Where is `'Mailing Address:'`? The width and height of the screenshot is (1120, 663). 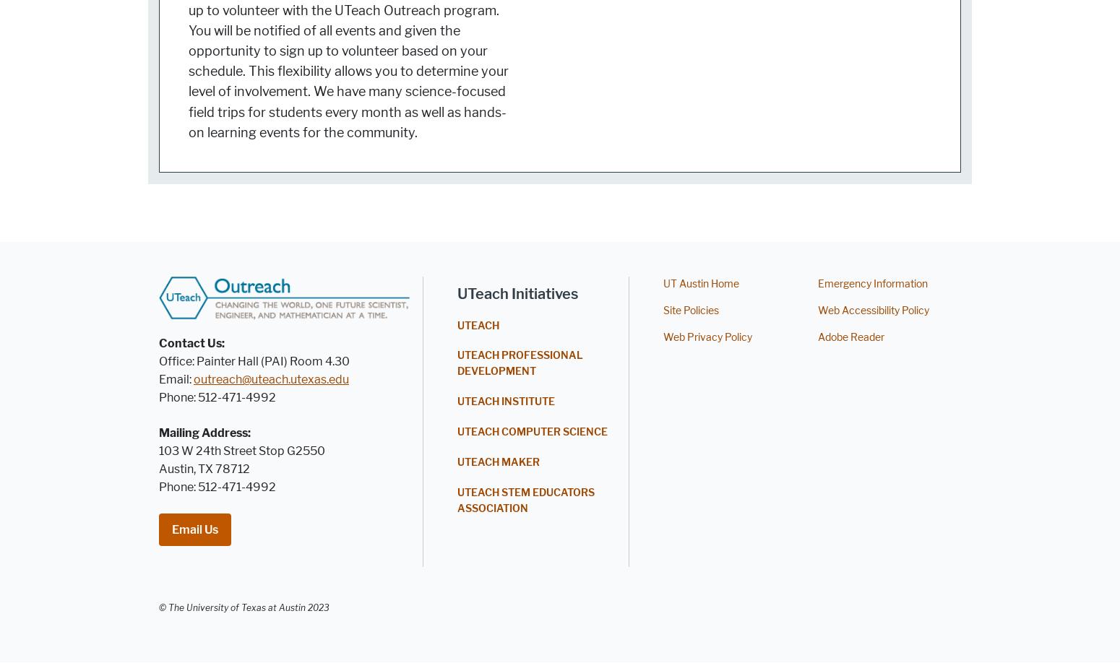
'Mailing Address:' is located at coordinates (204, 431).